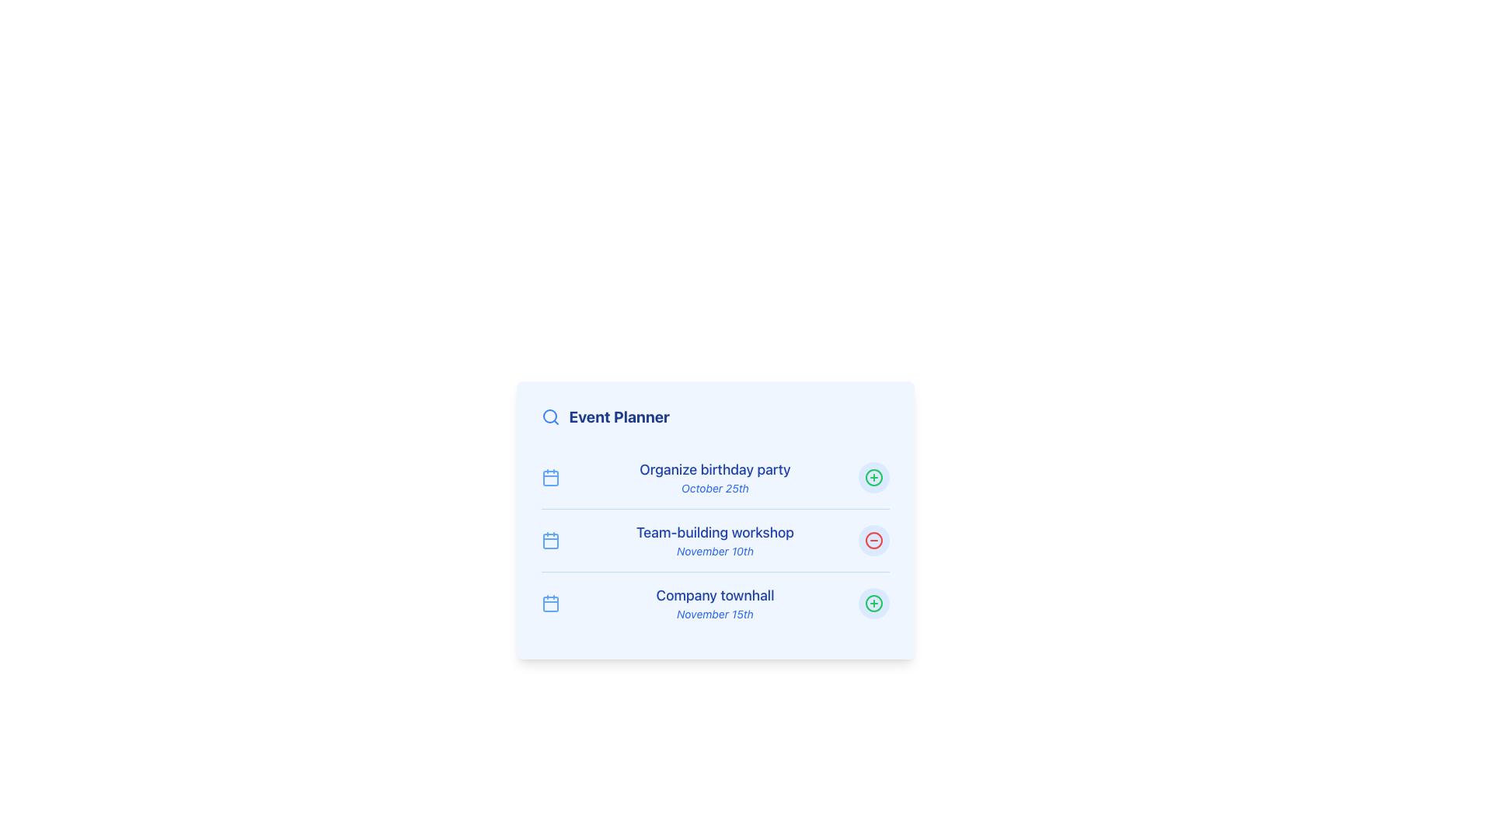 This screenshot has width=1492, height=839. What do you see at coordinates (873, 602) in the screenshot?
I see `the button that allows users` at bounding box center [873, 602].